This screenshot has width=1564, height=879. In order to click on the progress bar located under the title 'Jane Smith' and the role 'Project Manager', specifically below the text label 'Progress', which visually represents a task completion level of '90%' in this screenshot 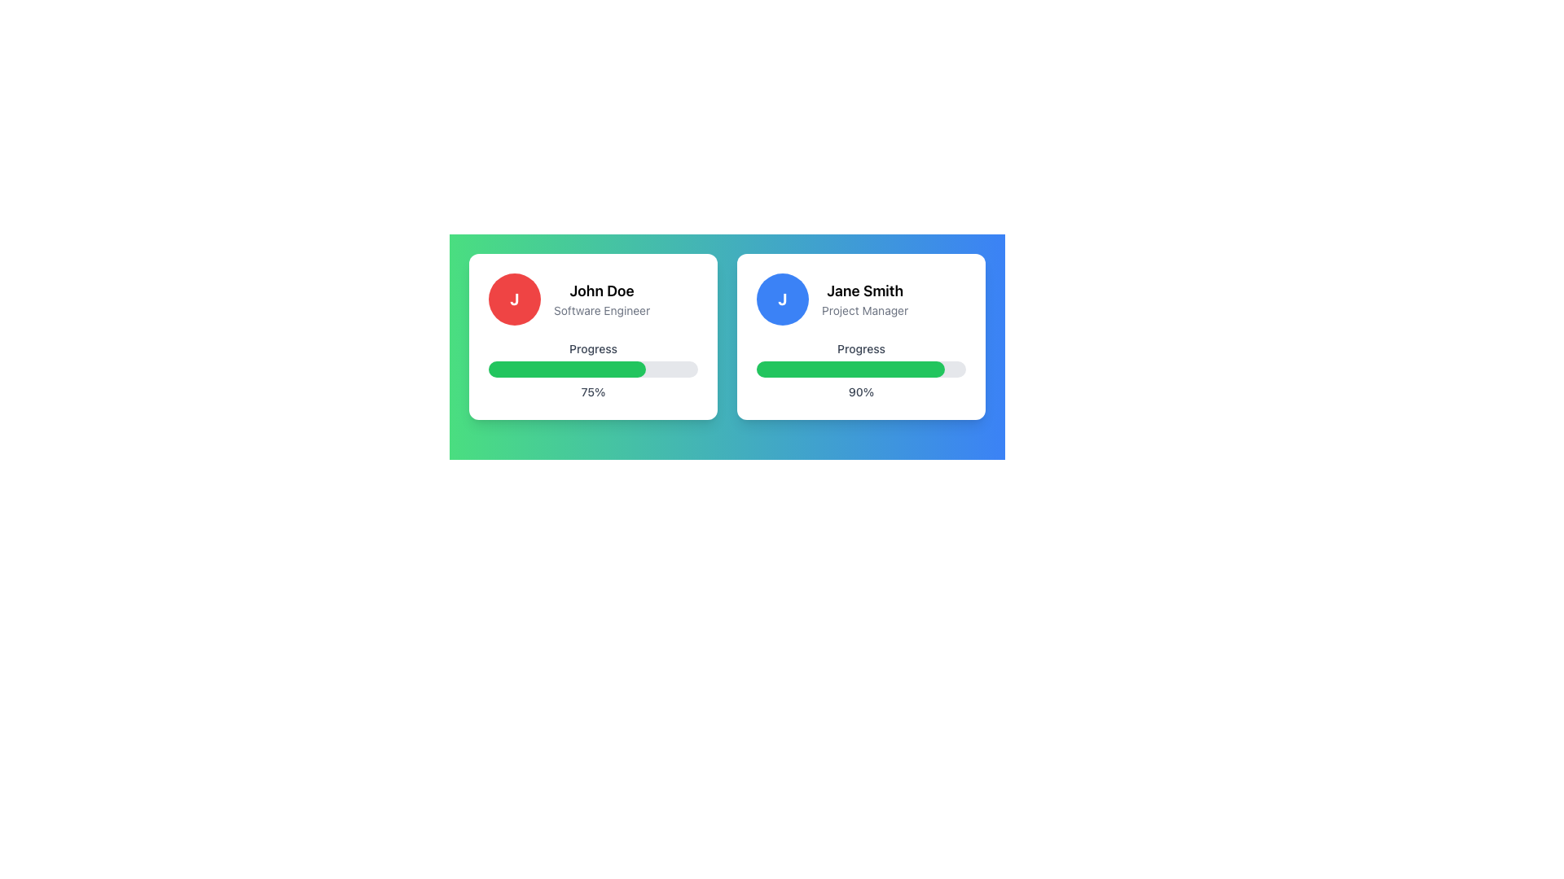, I will do `click(860, 370)`.